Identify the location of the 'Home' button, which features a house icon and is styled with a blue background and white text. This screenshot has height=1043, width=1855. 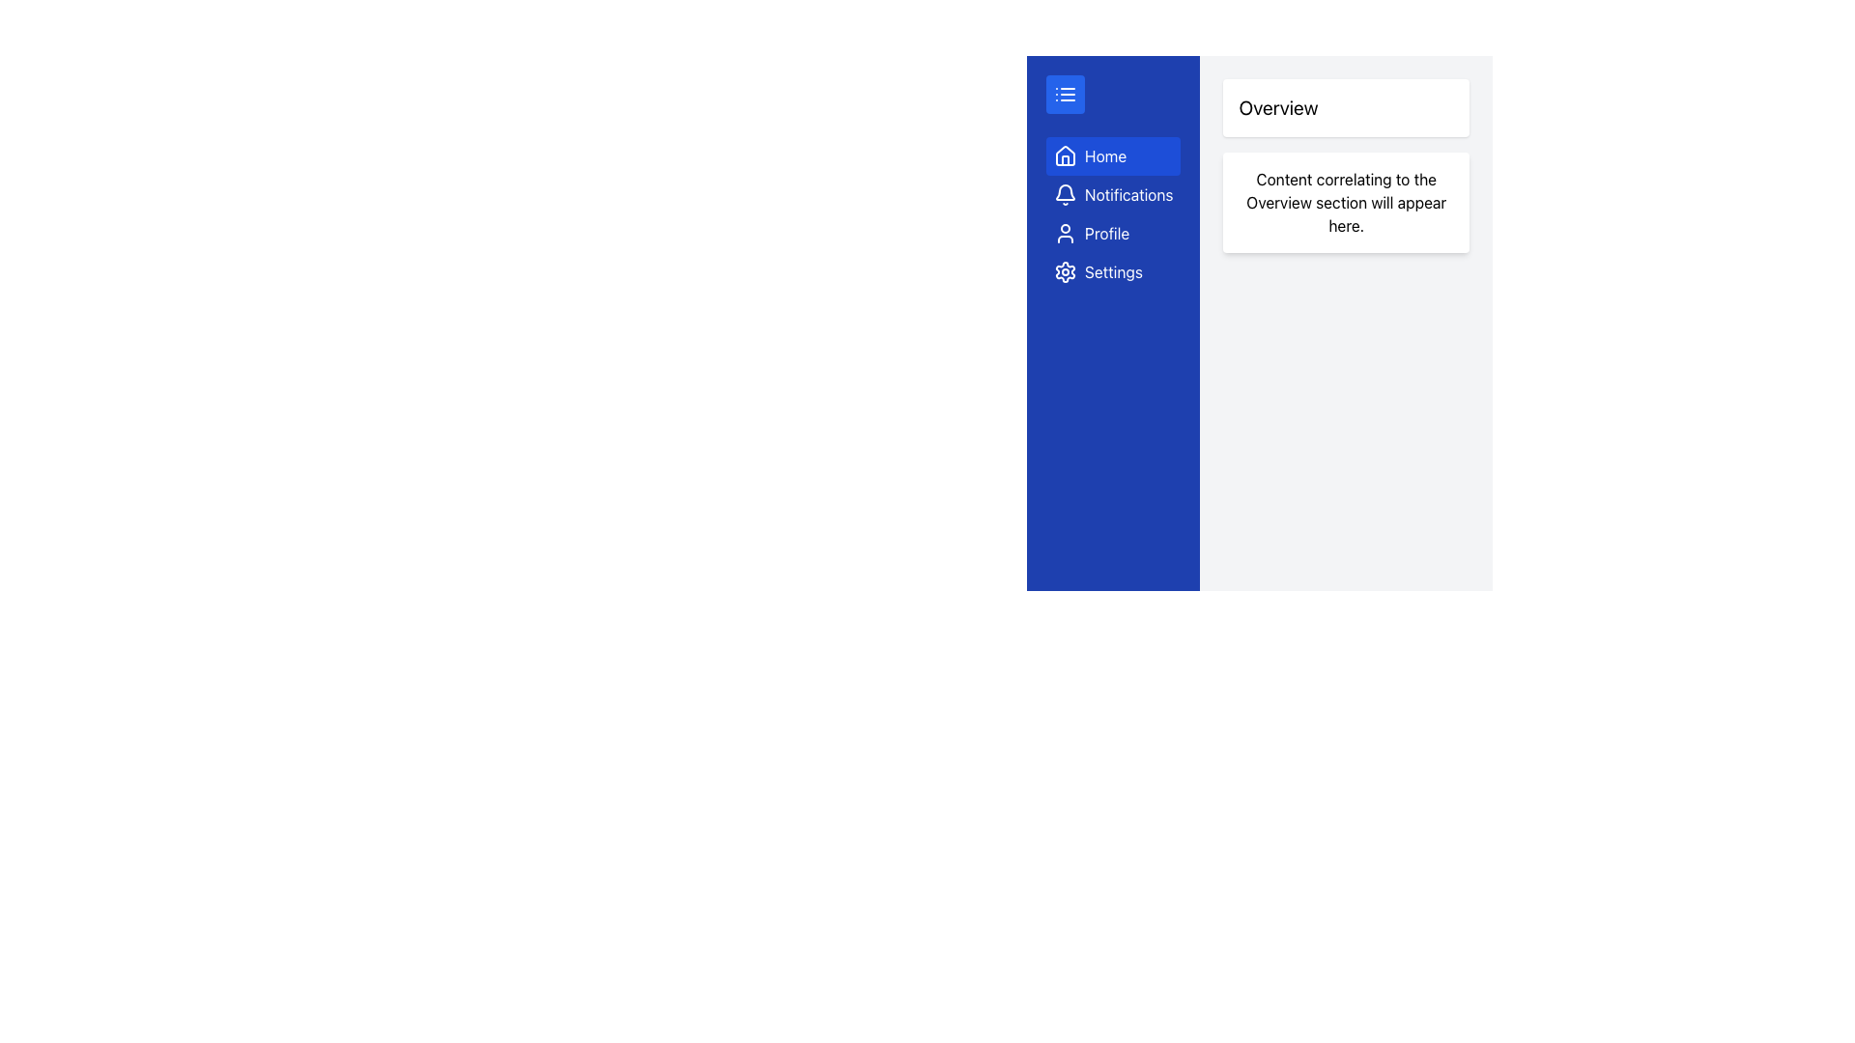
(1113, 155).